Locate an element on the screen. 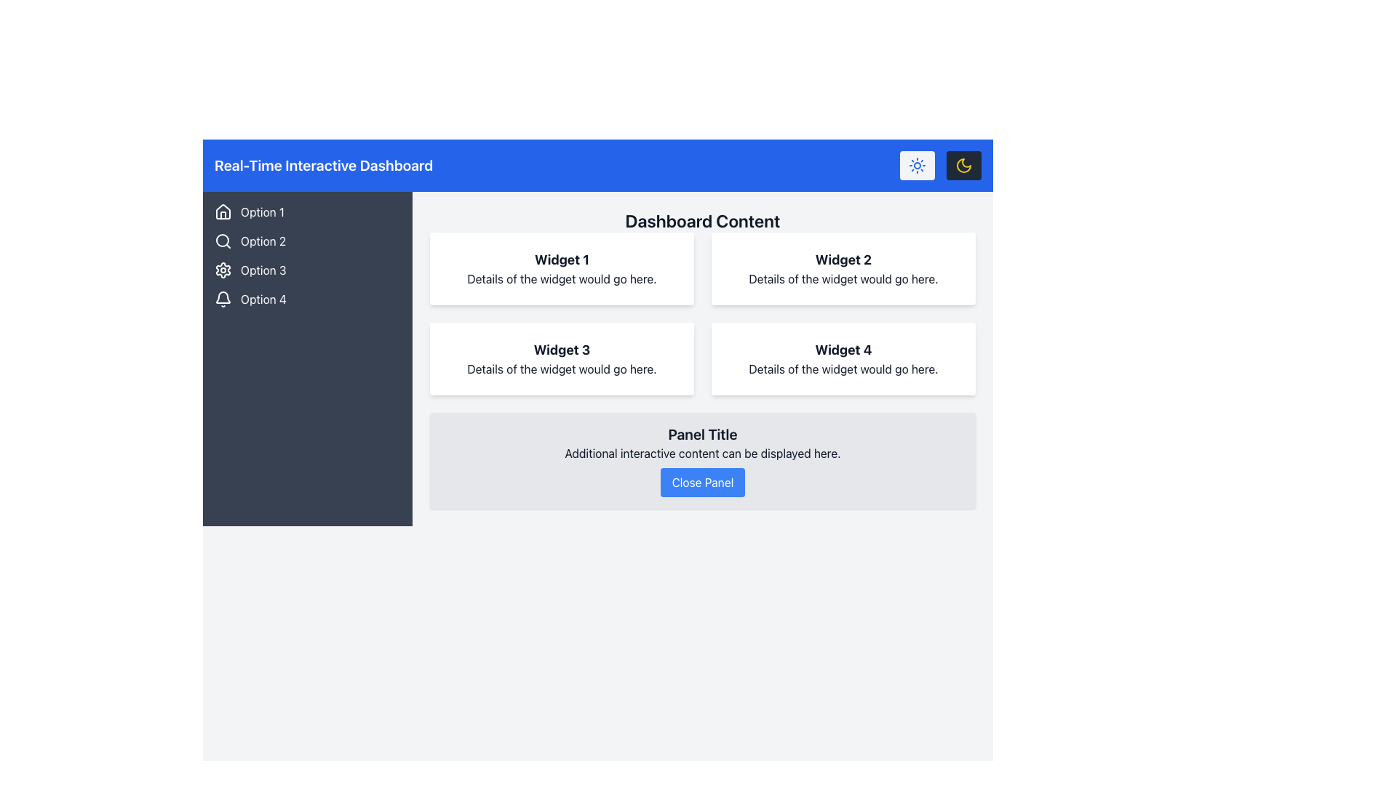  the 'Close Panel' button located at the bottom of the interactive panel with a light gray background and rounded corners is located at coordinates (702, 460).